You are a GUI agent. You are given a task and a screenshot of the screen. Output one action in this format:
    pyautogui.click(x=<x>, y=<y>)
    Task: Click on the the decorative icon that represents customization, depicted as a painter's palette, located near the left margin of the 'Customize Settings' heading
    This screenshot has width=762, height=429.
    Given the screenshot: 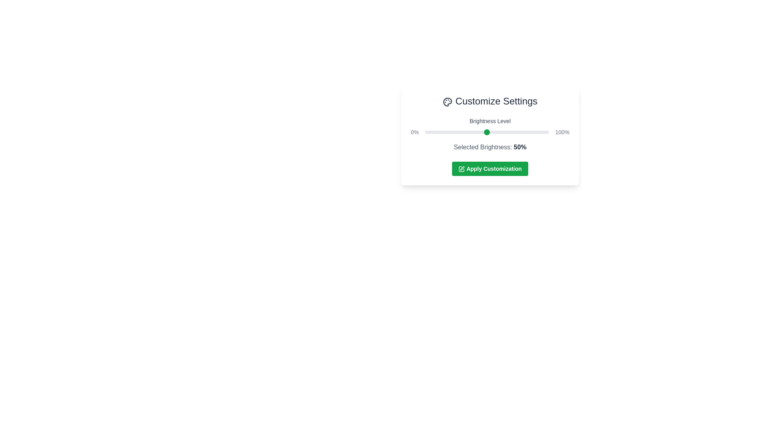 What is the action you would take?
    pyautogui.click(x=447, y=101)
    